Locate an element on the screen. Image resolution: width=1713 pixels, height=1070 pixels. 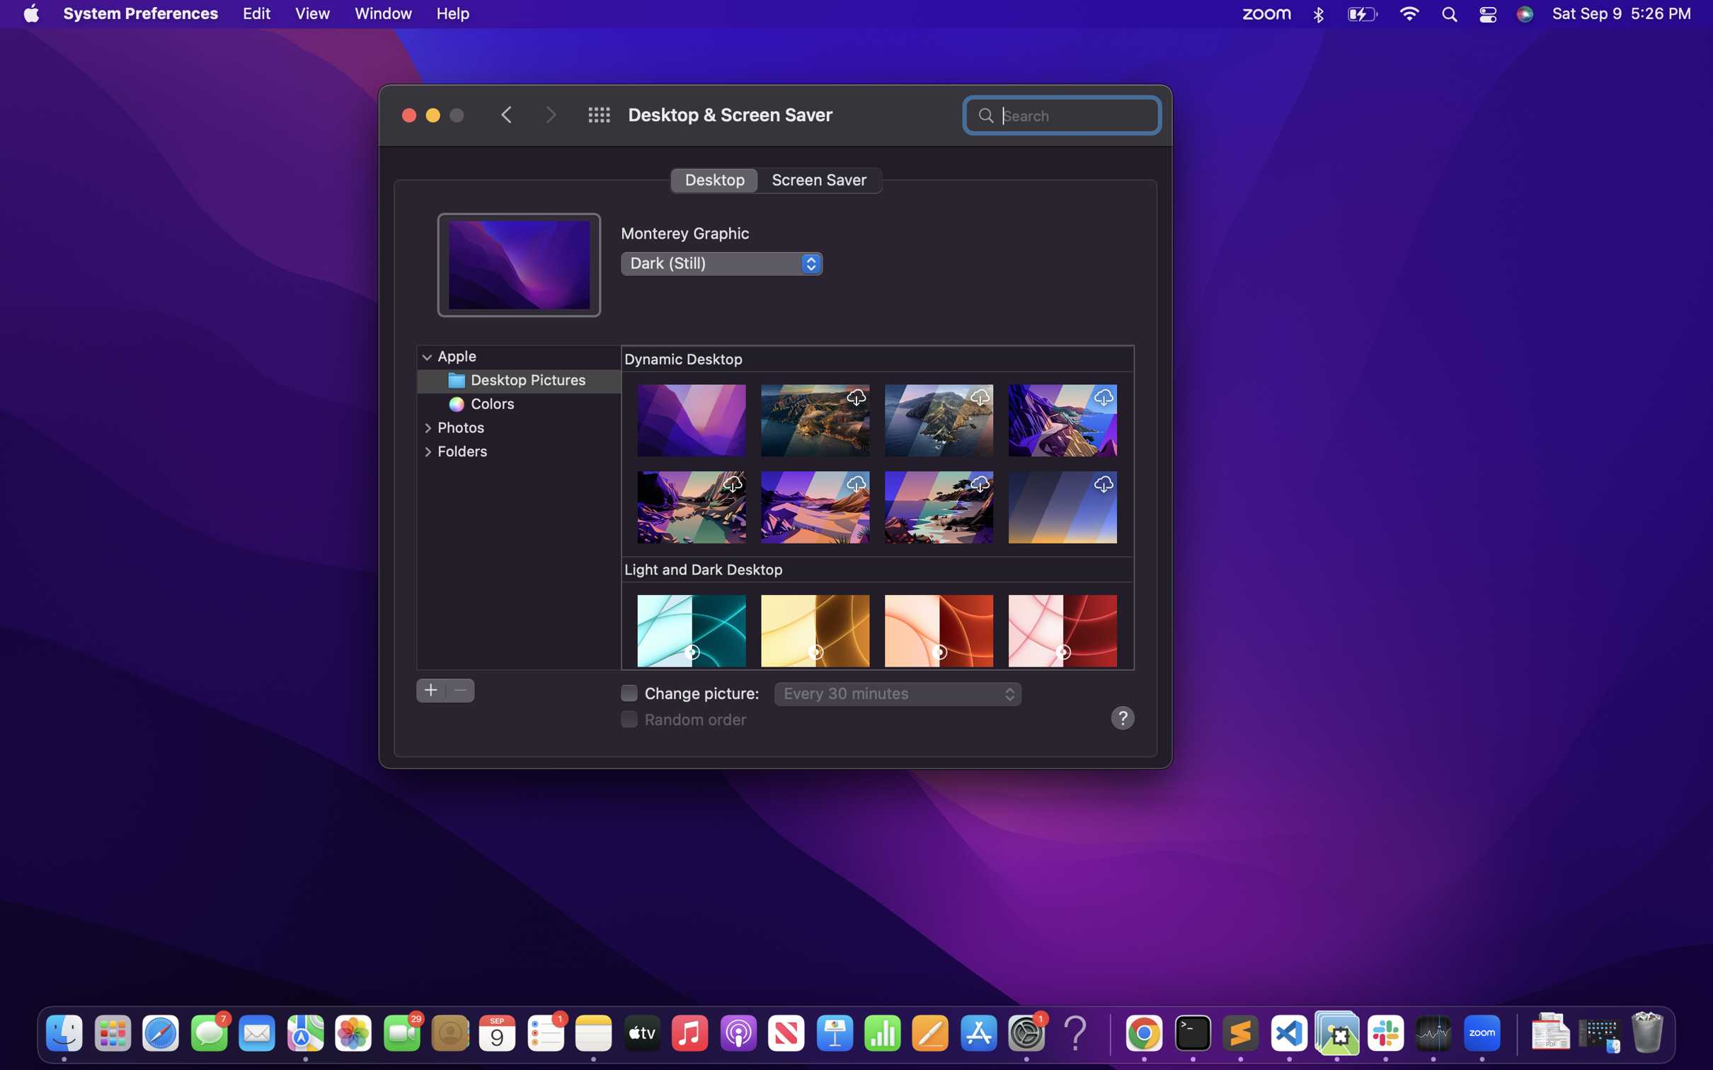
the settings for screen saver is located at coordinates (819, 179).